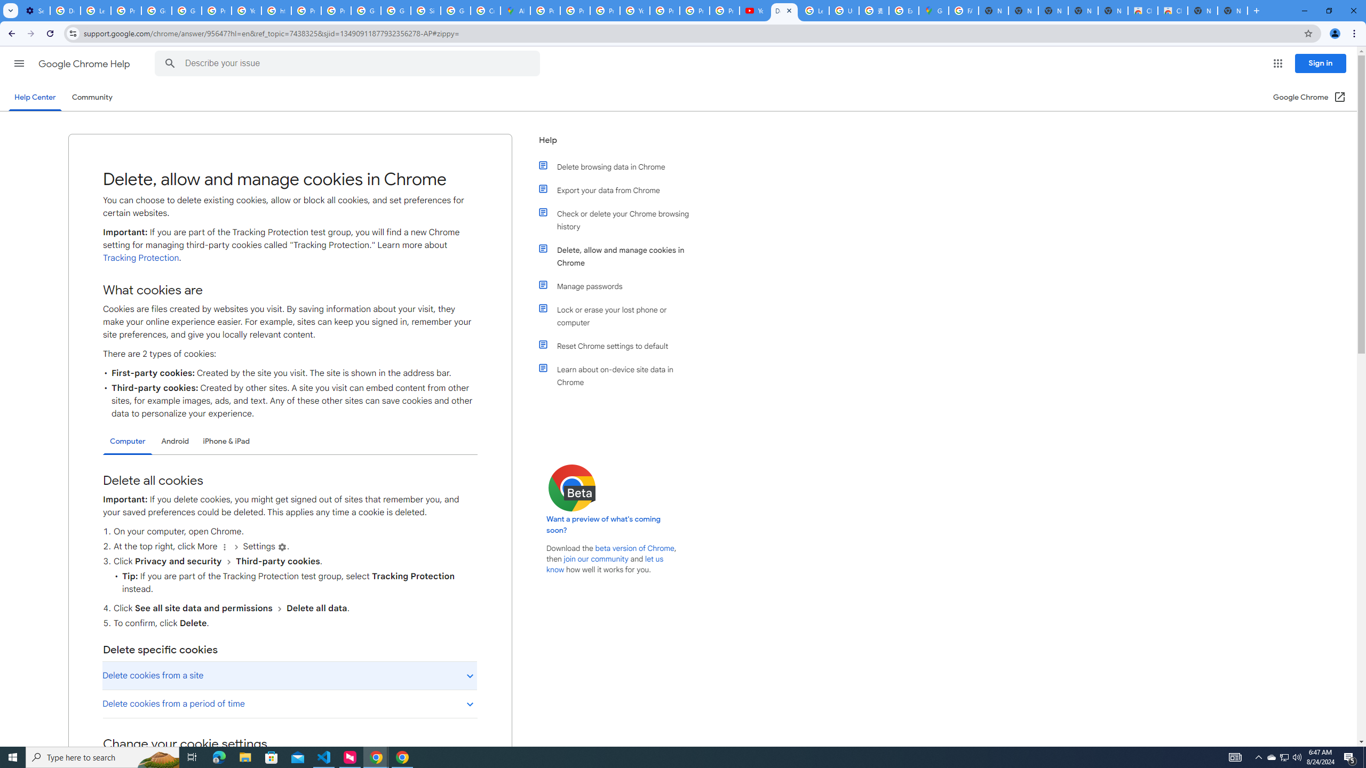 Image resolution: width=1366 pixels, height=768 pixels. I want to click on 'Google Chrome Help', so click(85, 63).